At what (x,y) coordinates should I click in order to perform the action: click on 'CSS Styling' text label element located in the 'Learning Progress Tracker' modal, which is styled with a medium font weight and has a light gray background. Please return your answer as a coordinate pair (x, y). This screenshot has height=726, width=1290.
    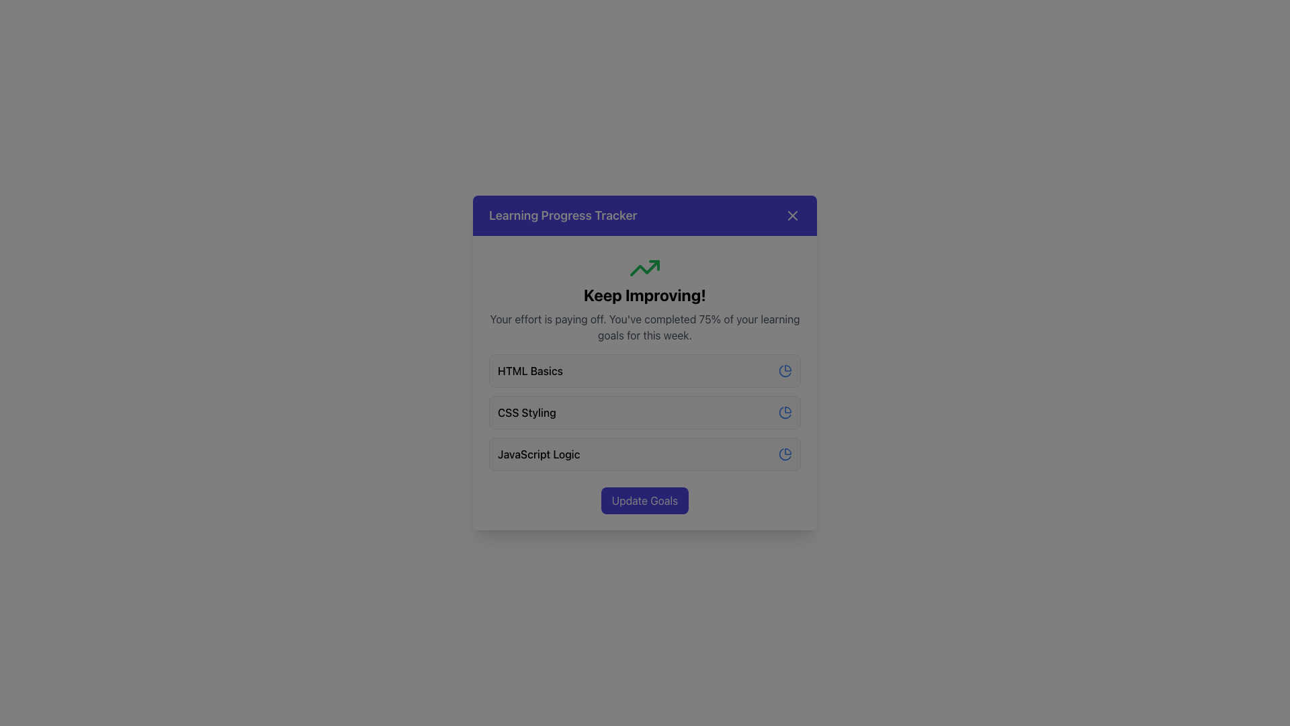
    Looking at the image, I should click on (526, 411).